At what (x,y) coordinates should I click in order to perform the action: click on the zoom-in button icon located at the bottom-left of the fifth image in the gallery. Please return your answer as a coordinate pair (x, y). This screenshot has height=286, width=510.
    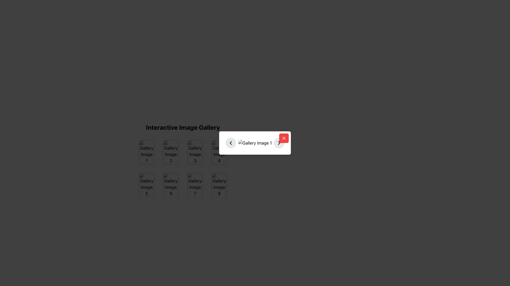
    Looking at the image, I should click on (147, 185).